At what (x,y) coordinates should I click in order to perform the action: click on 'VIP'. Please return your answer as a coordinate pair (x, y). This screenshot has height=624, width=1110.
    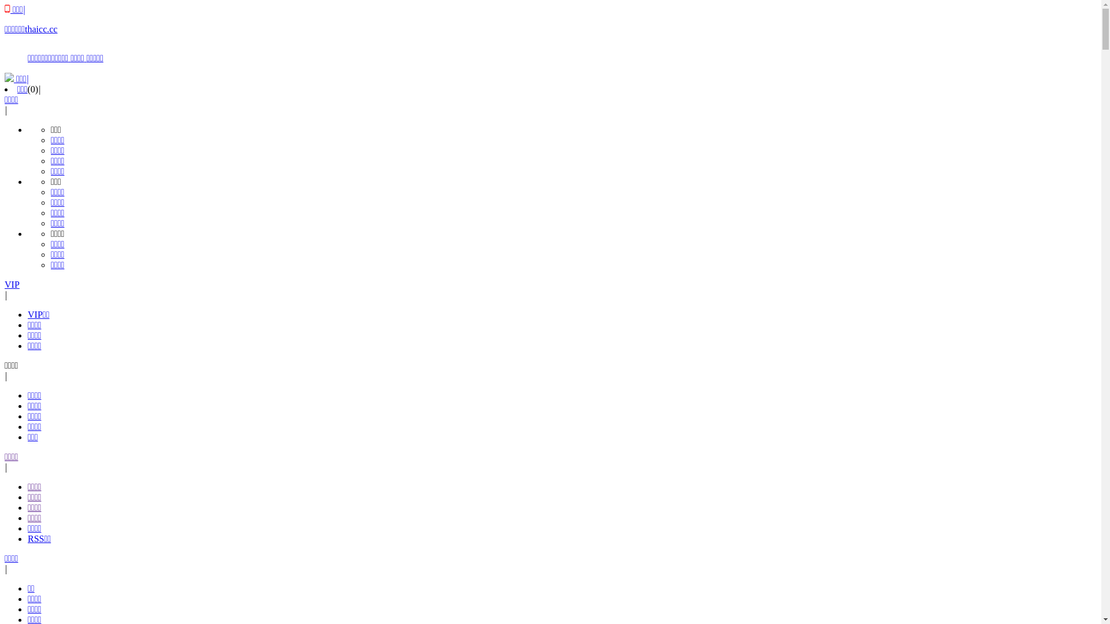
    Looking at the image, I should click on (12, 284).